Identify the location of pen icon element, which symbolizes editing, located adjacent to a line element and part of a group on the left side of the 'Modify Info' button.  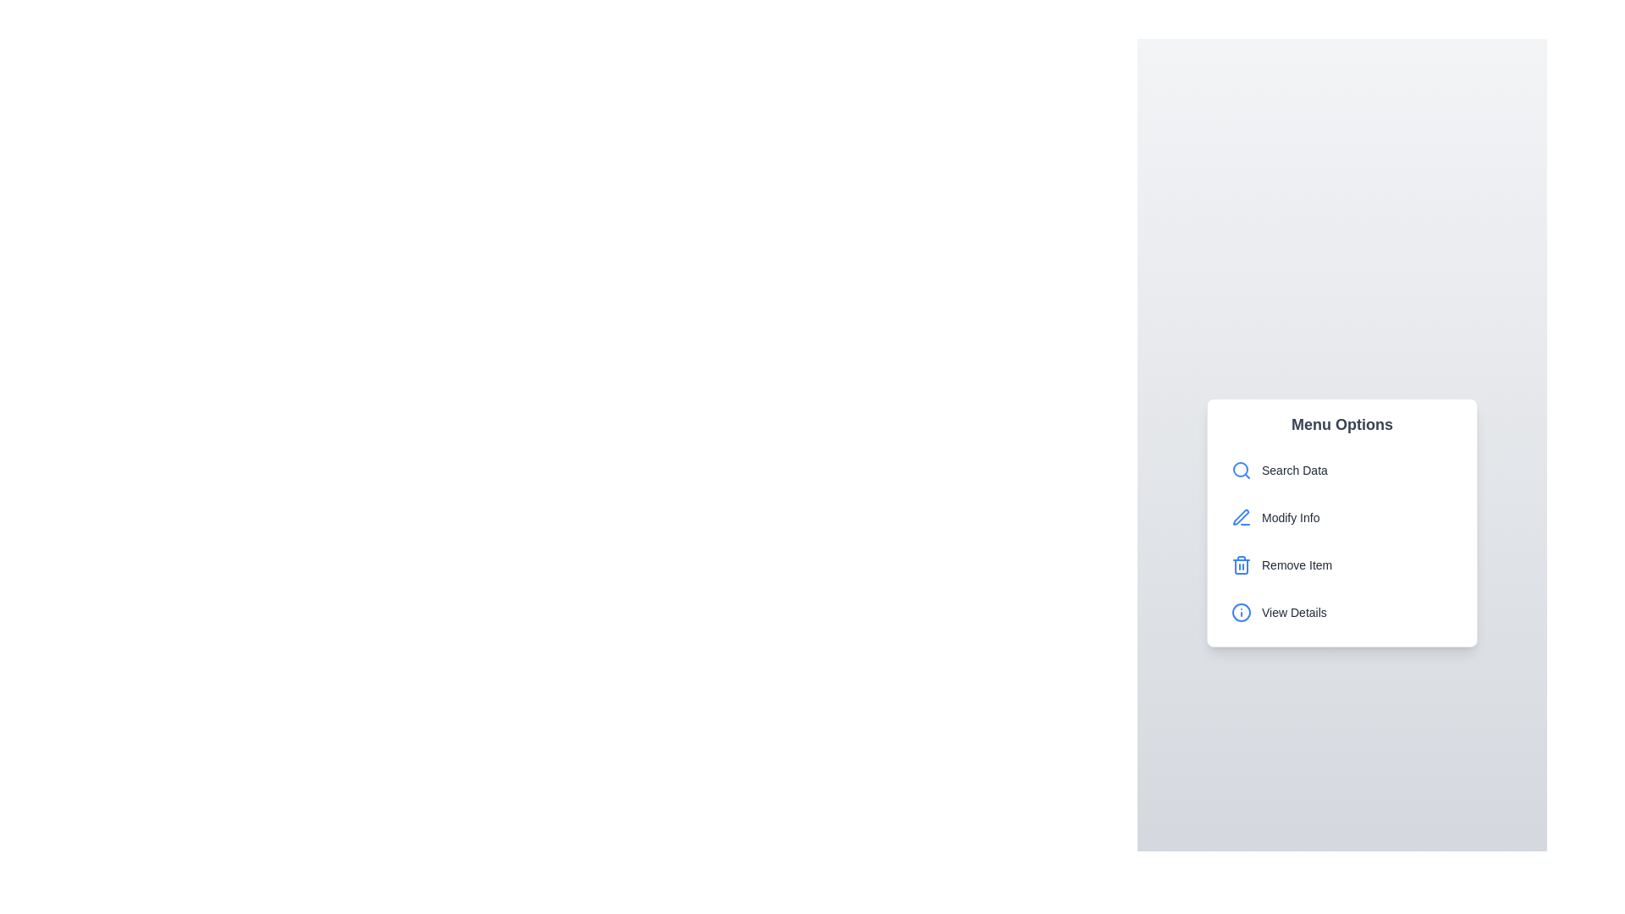
(1240, 515).